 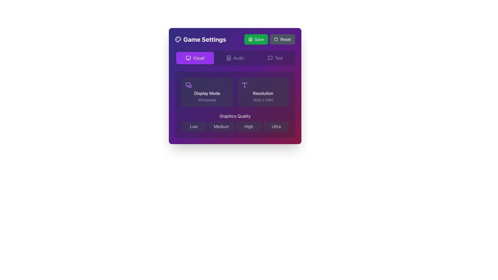 What do you see at coordinates (270, 58) in the screenshot?
I see `the speech bubble icon located in the Text section of the header menu` at bounding box center [270, 58].